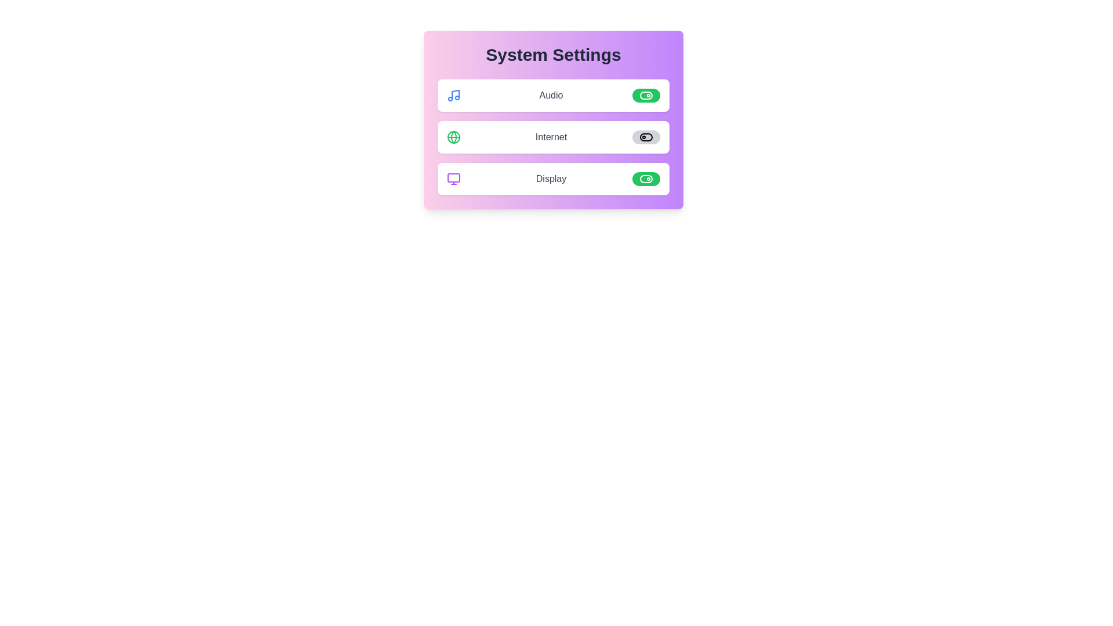  I want to click on the toggle switch located to the right of the 'Internet' label in the 'System Settings' dialog, so click(645, 136).